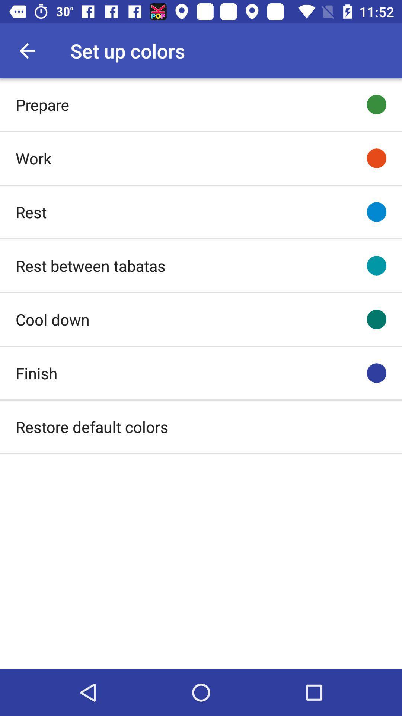 Image resolution: width=402 pixels, height=716 pixels. Describe the element at coordinates (27, 50) in the screenshot. I see `icon next to the set up colors item` at that location.